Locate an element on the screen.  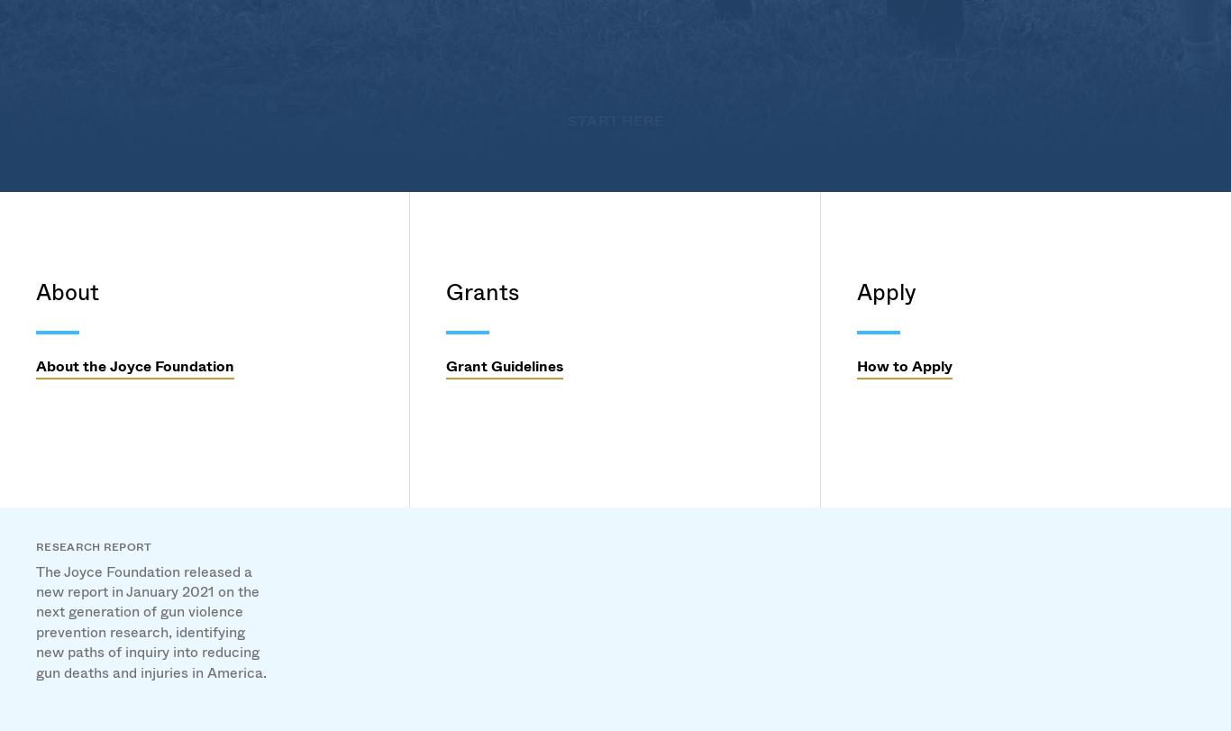
'Grants' is located at coordinates (506, 278).